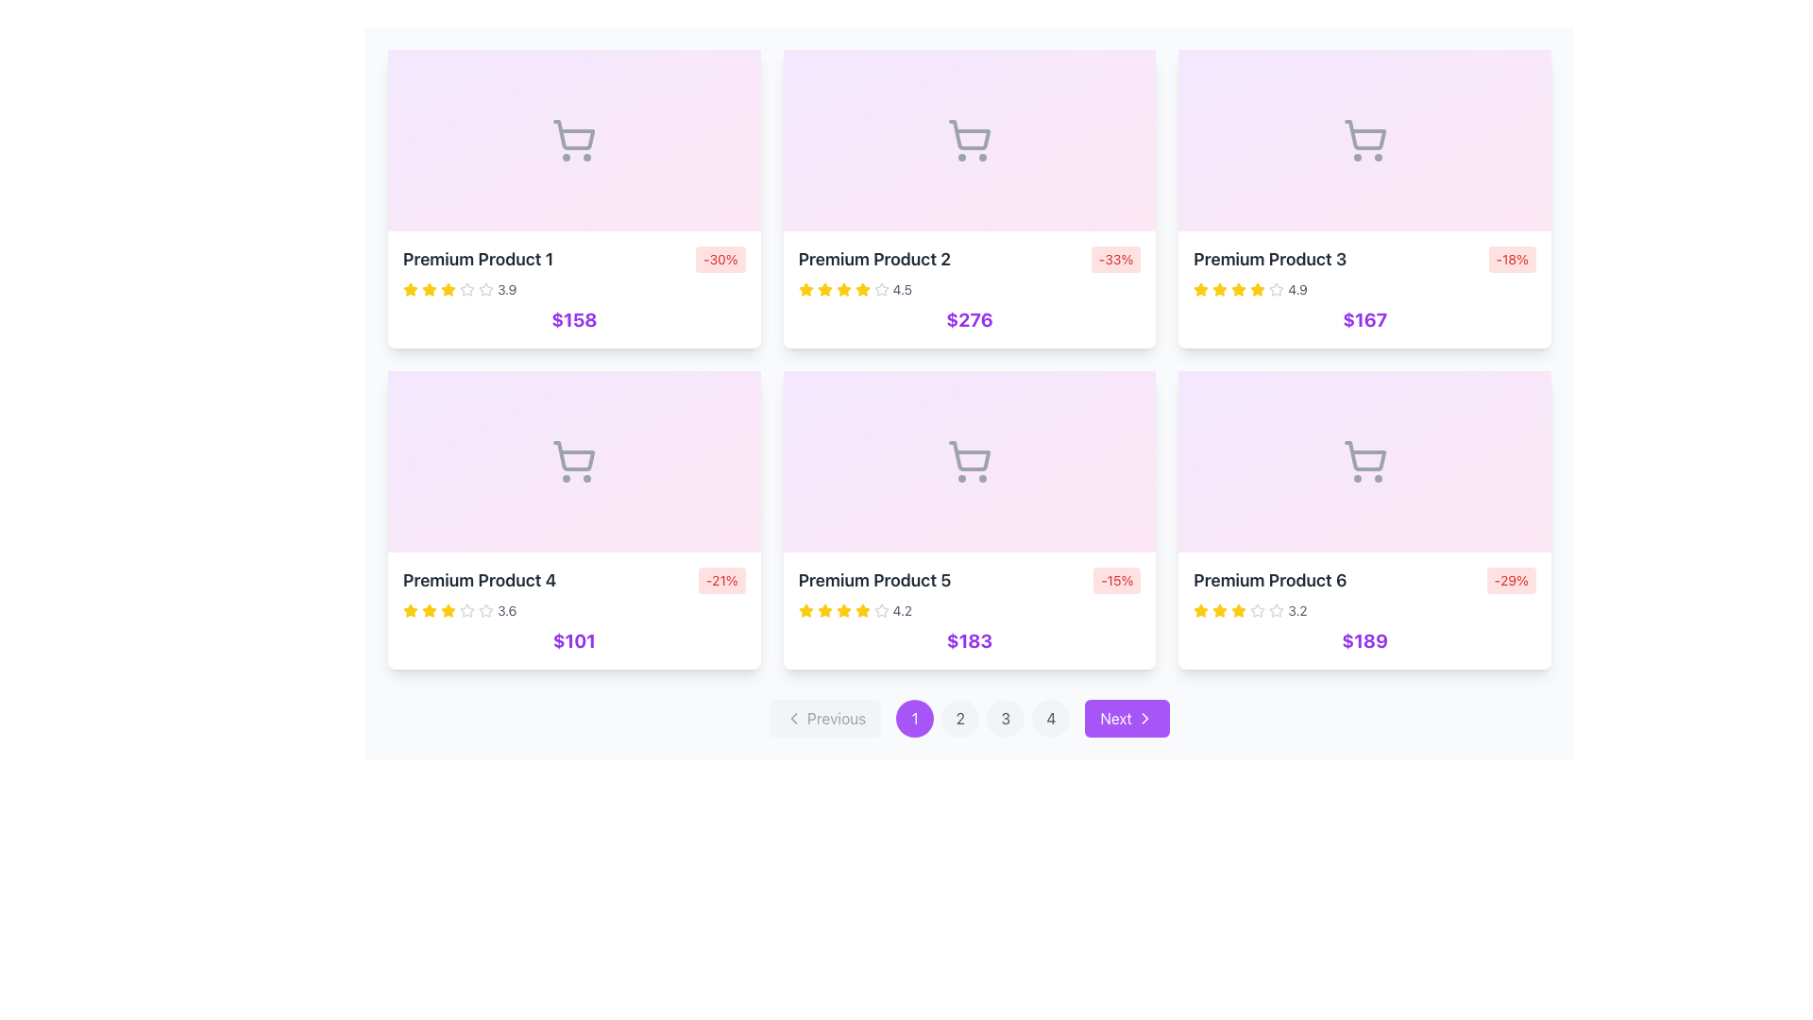  What do you see at coordinates (805, 610) in the screenshot?
I see `the second yellow star icon in the rating system of the 'Premium Product 5' card to rate it` at bounding box center [805, 610].